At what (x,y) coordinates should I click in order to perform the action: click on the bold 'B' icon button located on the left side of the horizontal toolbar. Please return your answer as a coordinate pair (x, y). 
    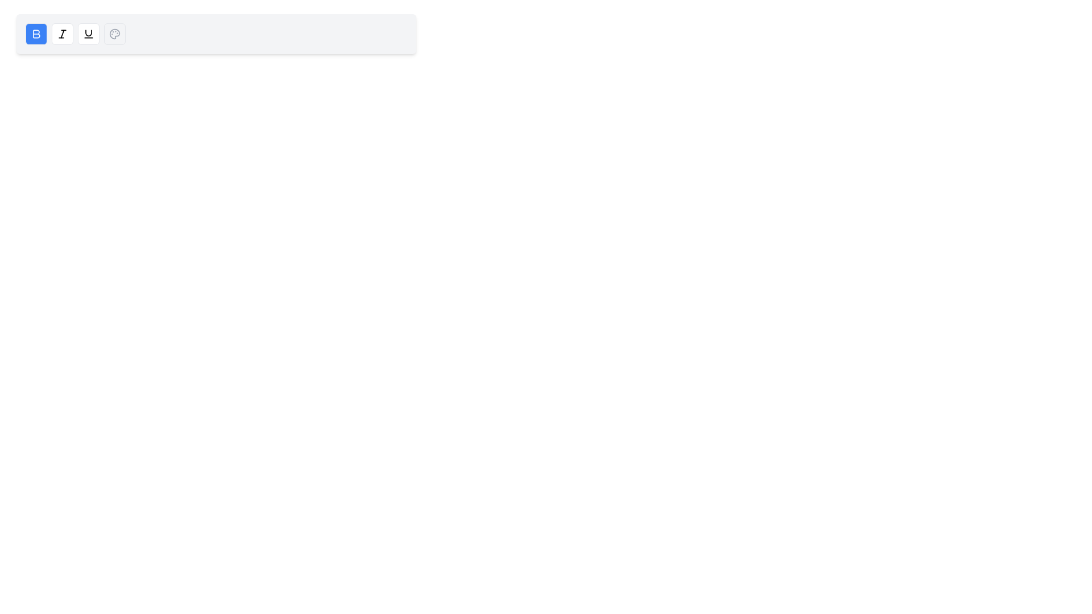
    Looking at the image, I should click on (36, 34).